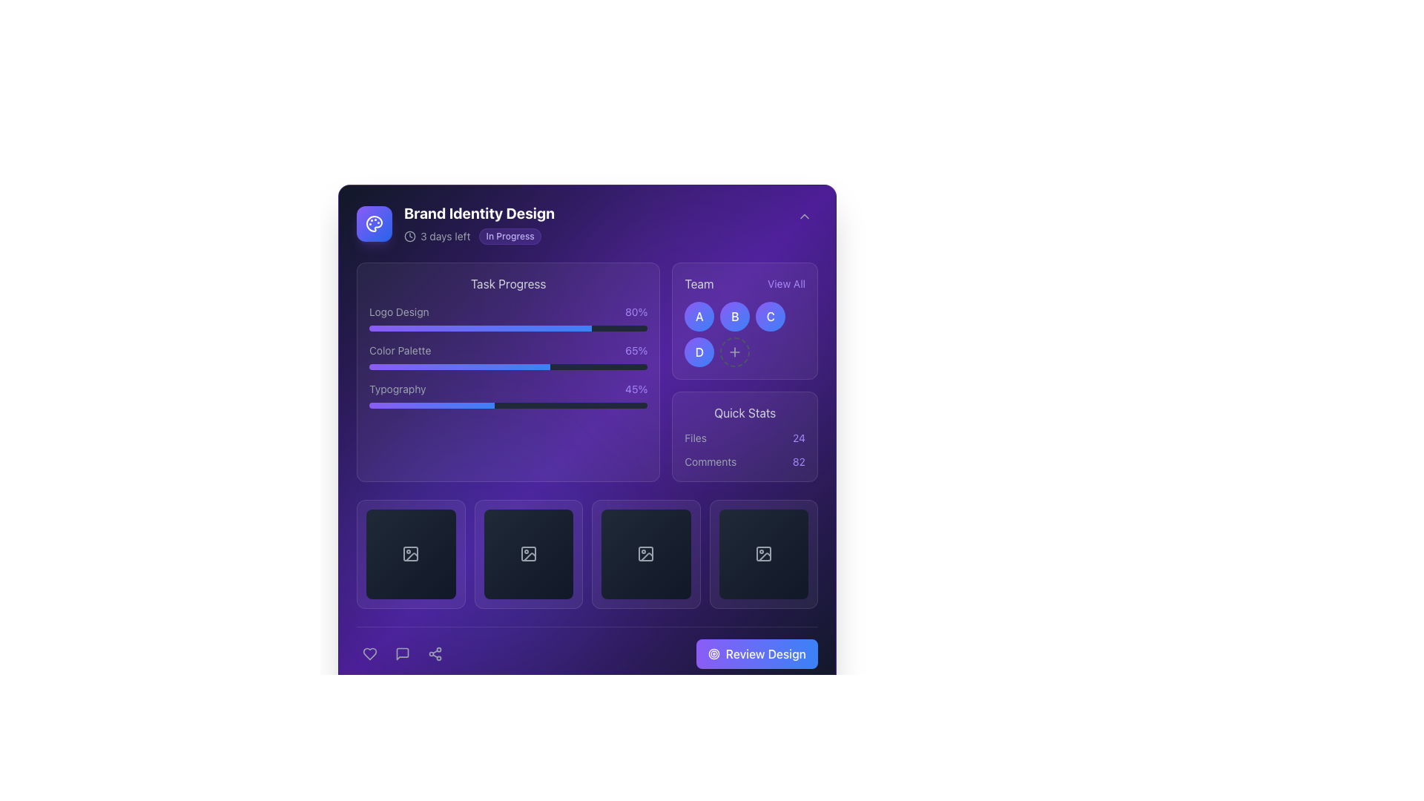 The width and height of the screenshot is (1424, 801). Describe the element at coordinates (745, 371) in the screenshot. I see `the plus button in the team overview panel` at that location.